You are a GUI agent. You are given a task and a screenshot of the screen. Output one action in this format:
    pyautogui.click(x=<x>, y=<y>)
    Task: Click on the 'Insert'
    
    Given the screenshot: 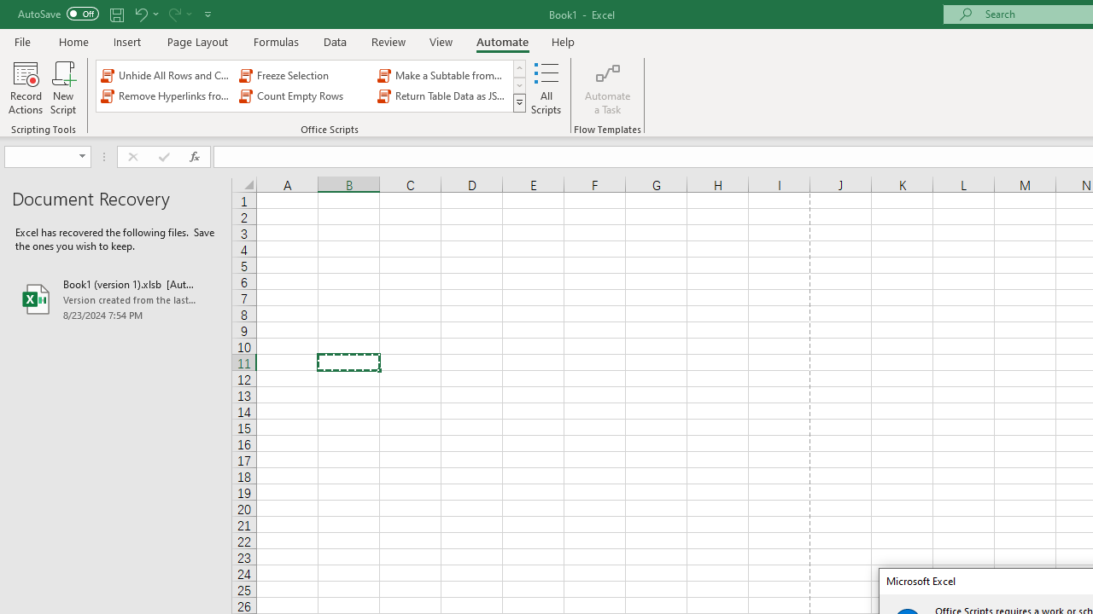 What is the action you would take?
    pyautogui.click(x=126, y=41)
    